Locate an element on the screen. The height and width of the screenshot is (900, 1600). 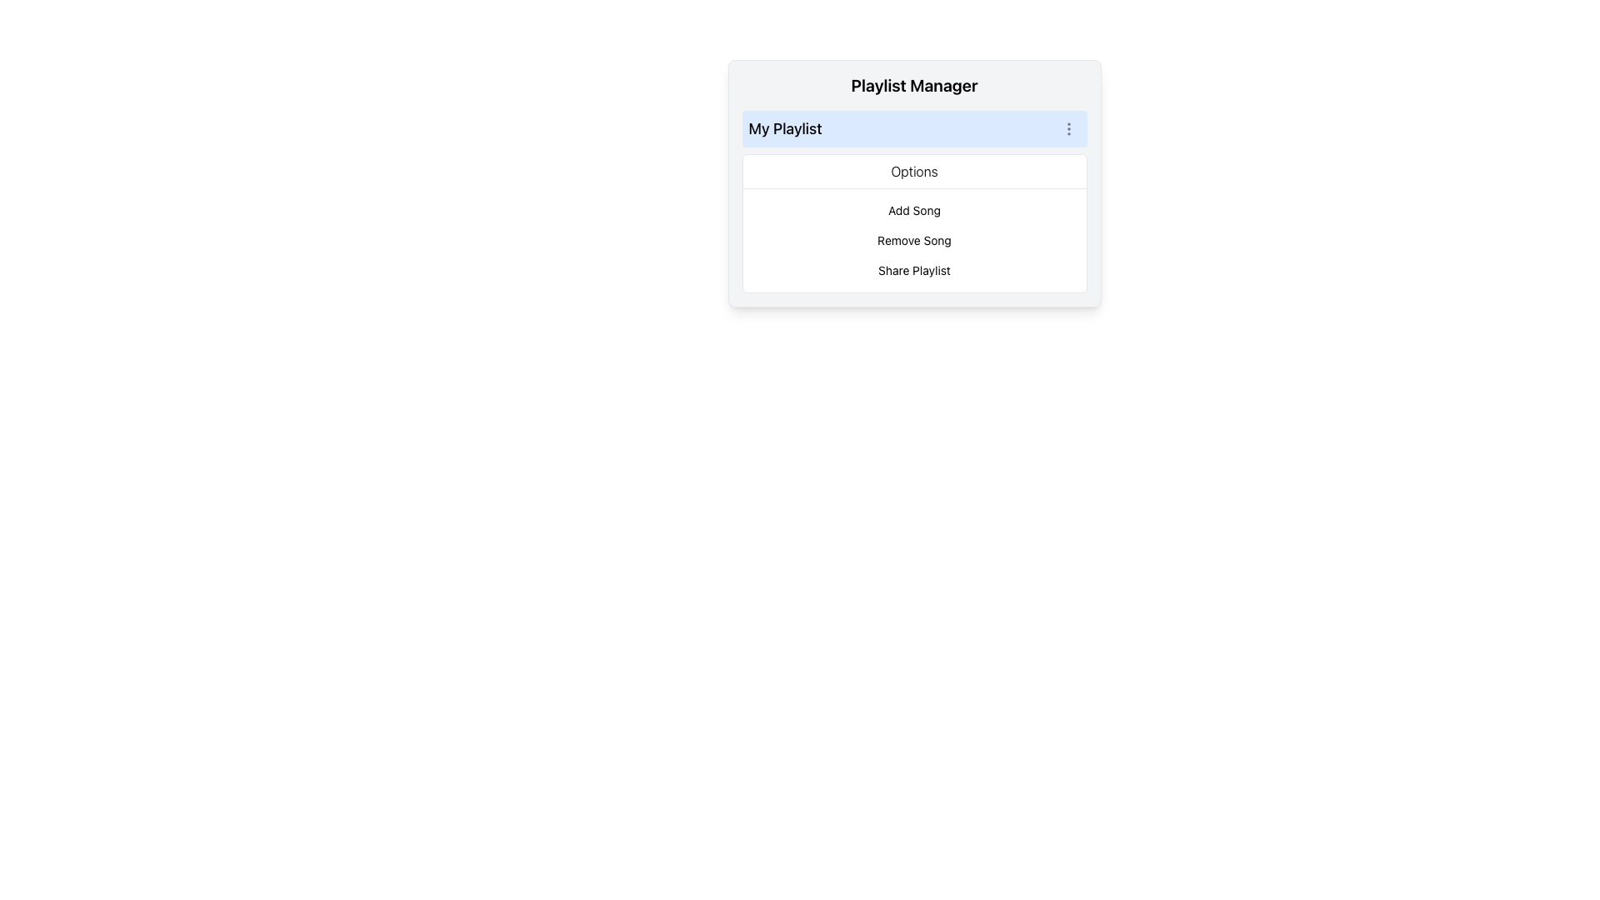
the vertical ellipsis icon located at the top-right edge of the 'My Playlist' row is located at coordinates (1068, 127).